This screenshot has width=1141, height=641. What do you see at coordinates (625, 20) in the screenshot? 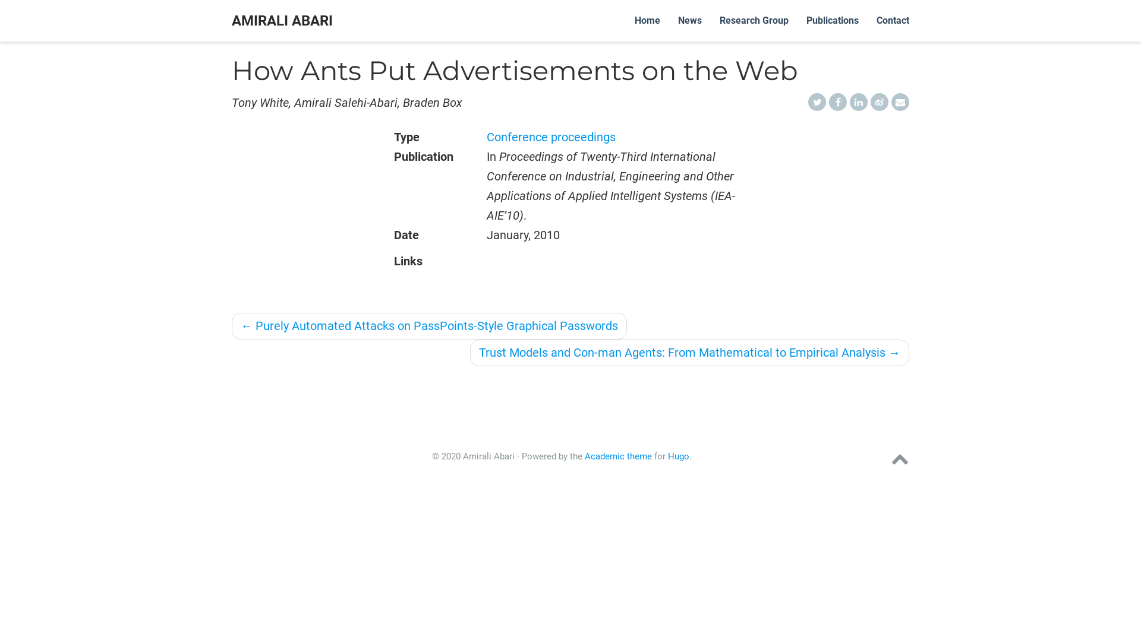
I see `'Home'` at bounding box center [625, 20].